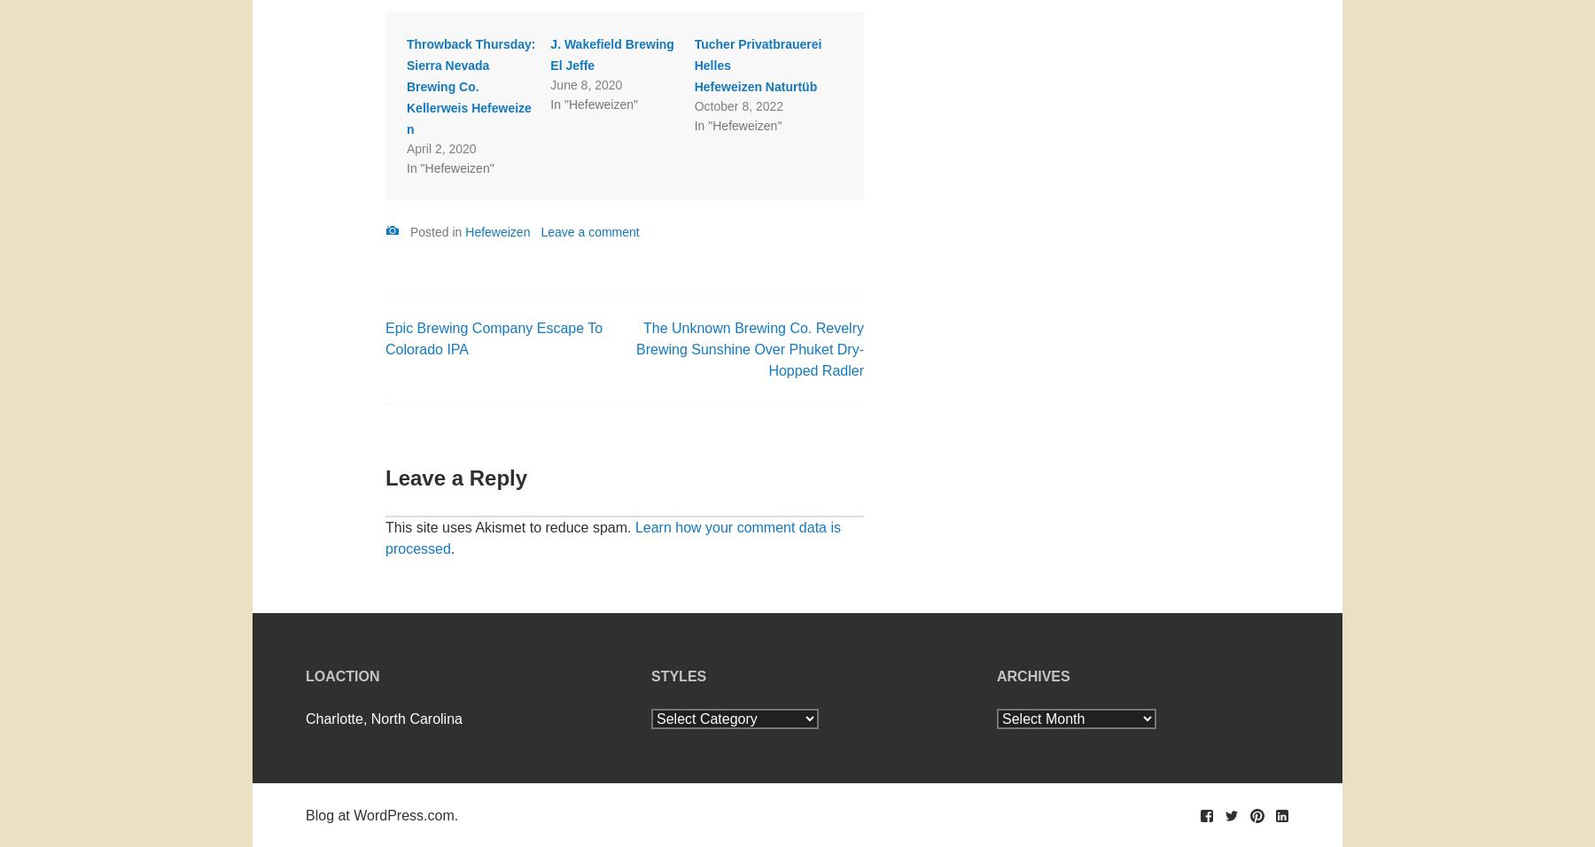  I want to click on 'Charlotte, North Carolina', so click(306, 717).